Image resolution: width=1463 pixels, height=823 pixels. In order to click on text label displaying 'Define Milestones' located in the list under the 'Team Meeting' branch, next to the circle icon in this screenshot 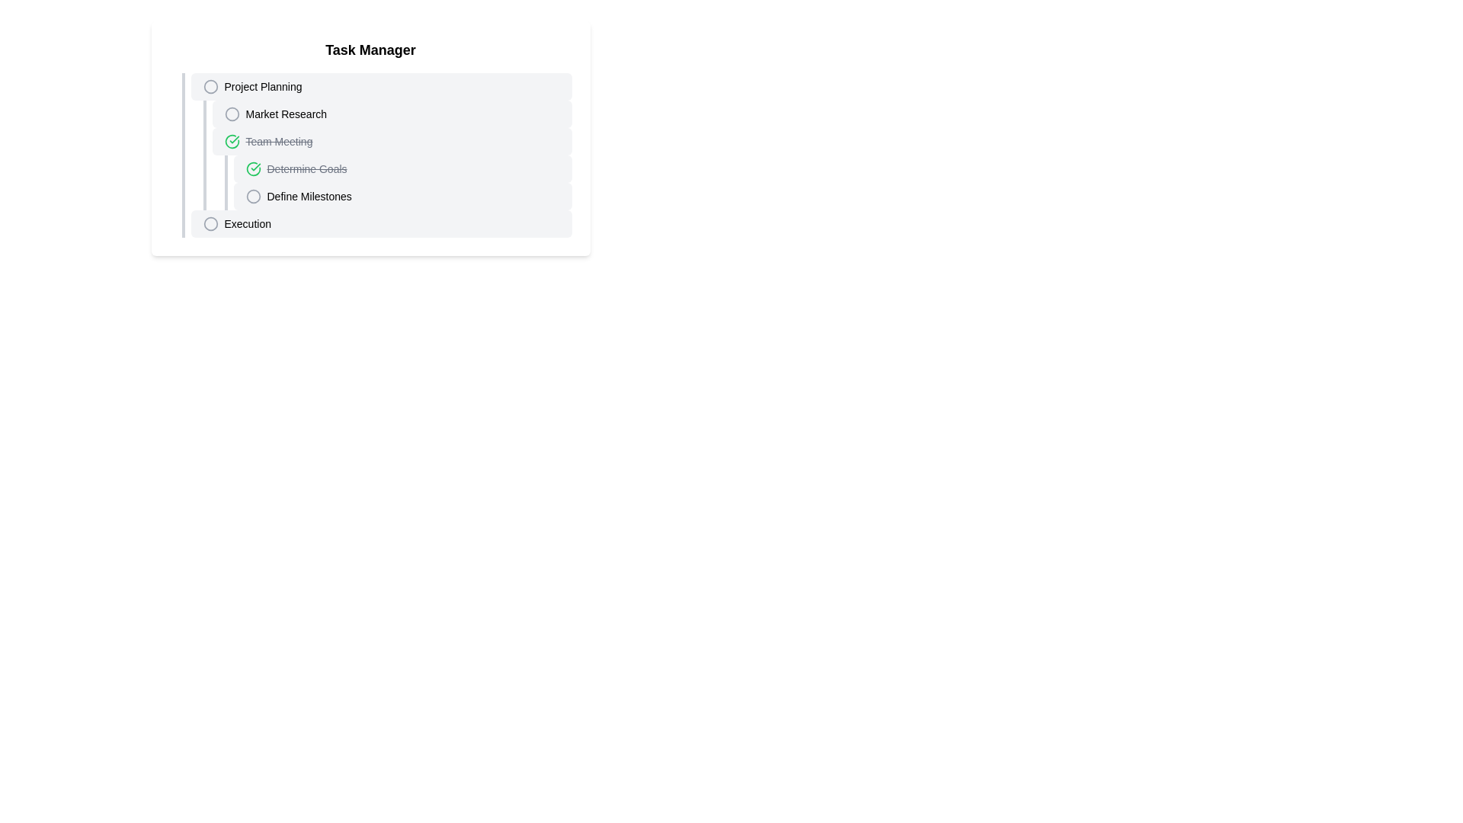, I will do `click(309, 196)`.